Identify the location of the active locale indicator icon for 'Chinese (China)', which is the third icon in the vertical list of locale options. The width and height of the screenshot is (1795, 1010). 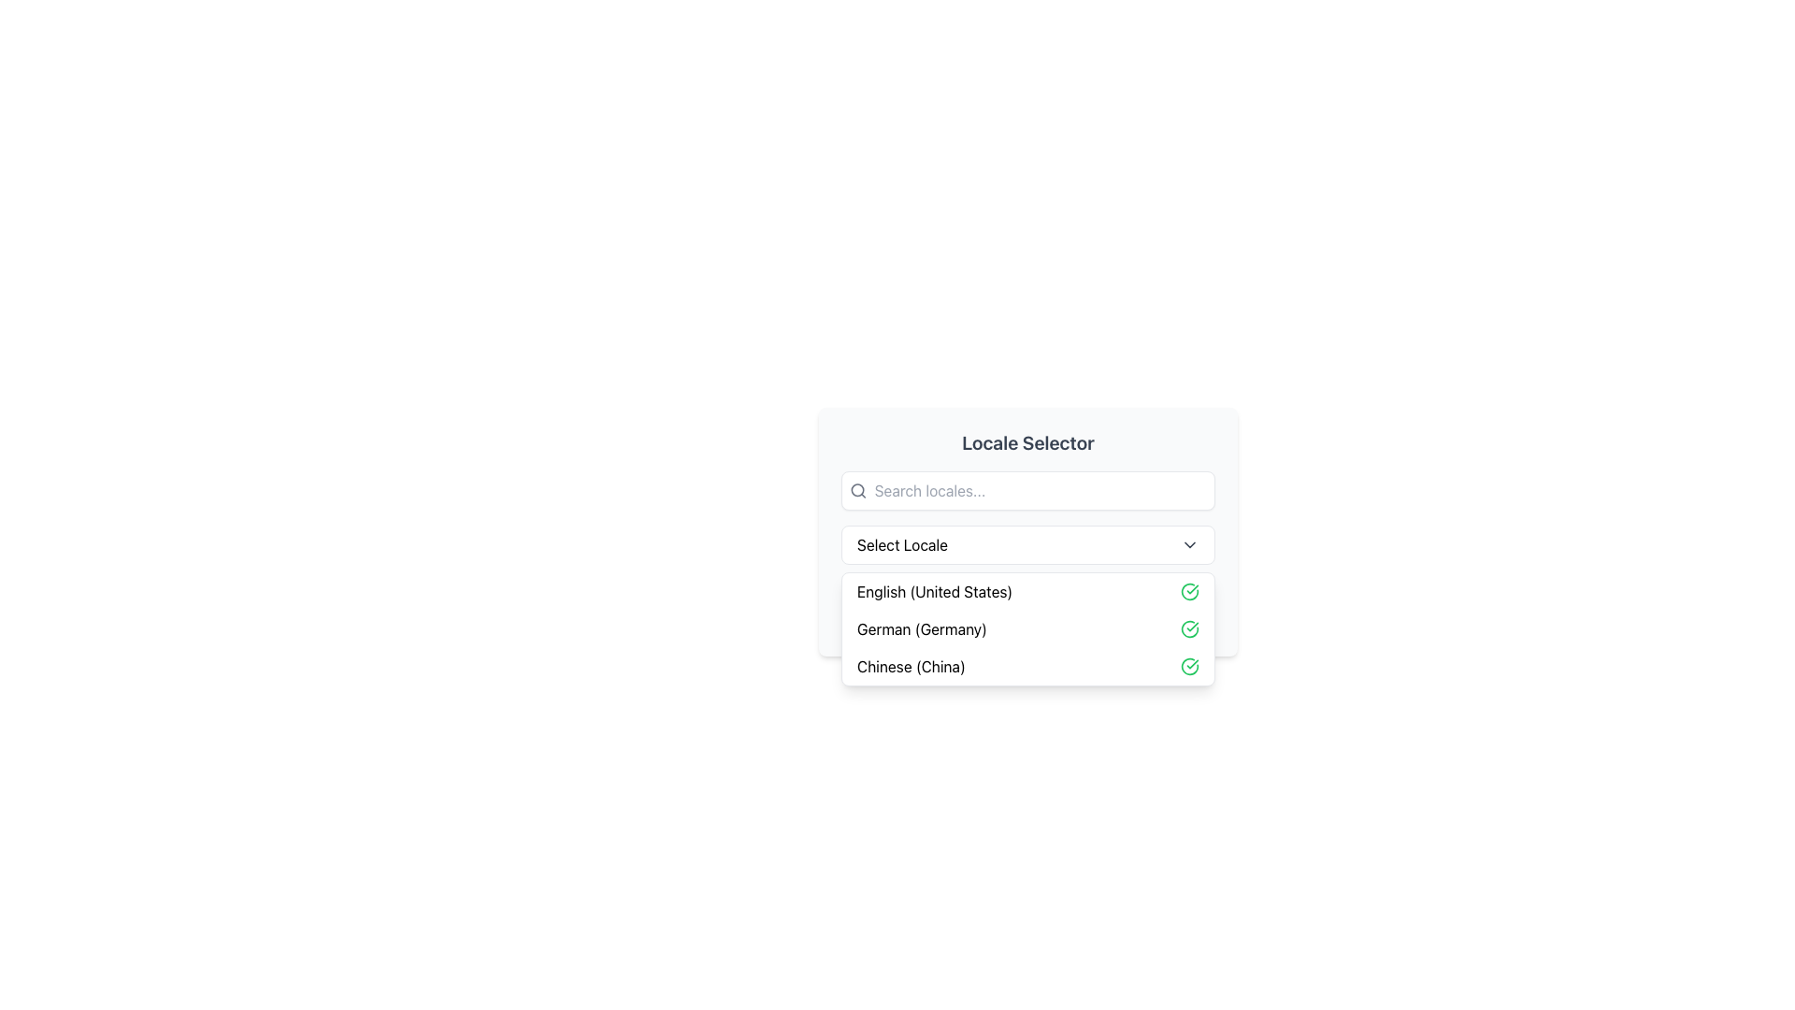
(1188, 666).